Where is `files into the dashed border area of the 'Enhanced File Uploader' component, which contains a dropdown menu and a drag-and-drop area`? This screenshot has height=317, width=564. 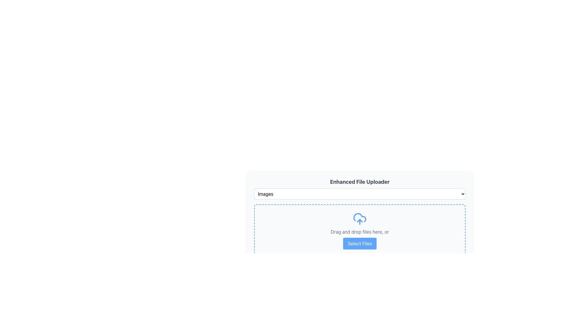
files into the dashed border area of the 'Enhanced File Uploader' component, which contains a dropdown menu and a drag-and-drop area is located at coordinates (359, 208).